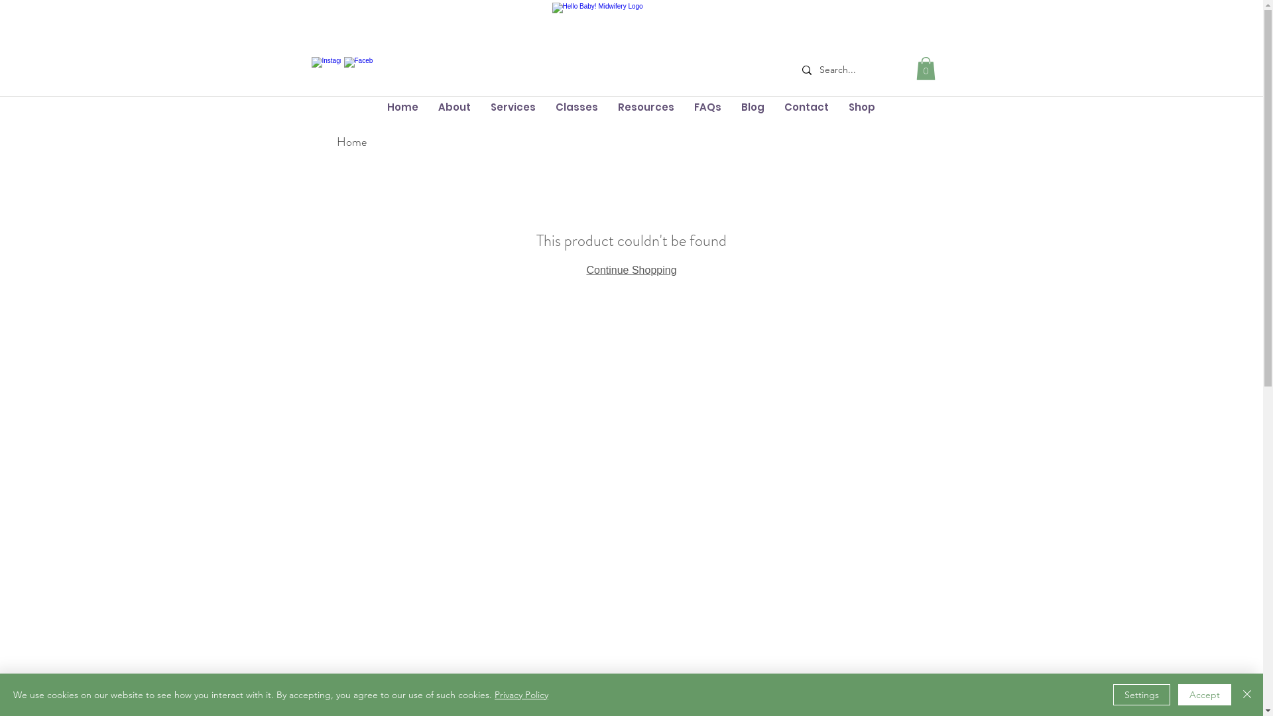  Describe the element at coordinates (576, 106) in the screenshot. I see `'Classes'` at that location.